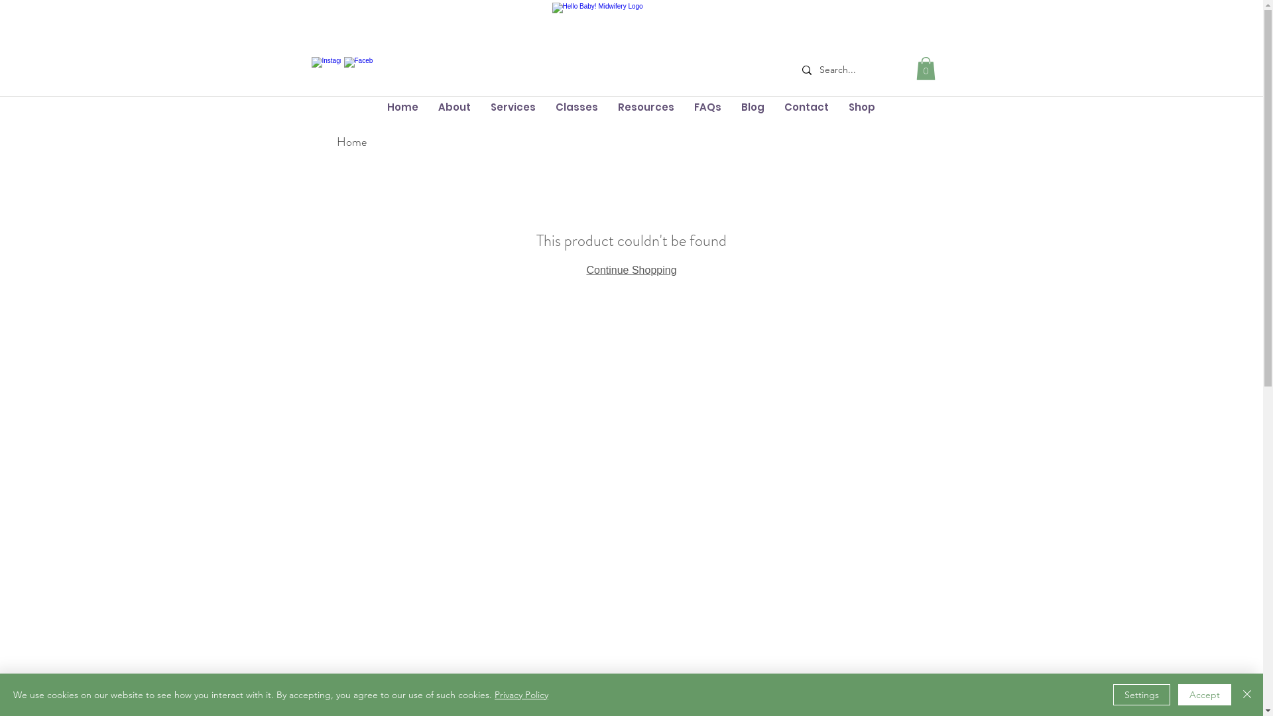  Describe the element at coordinates (576, 106) in the screenshot. I see `'Classes'` at that location.